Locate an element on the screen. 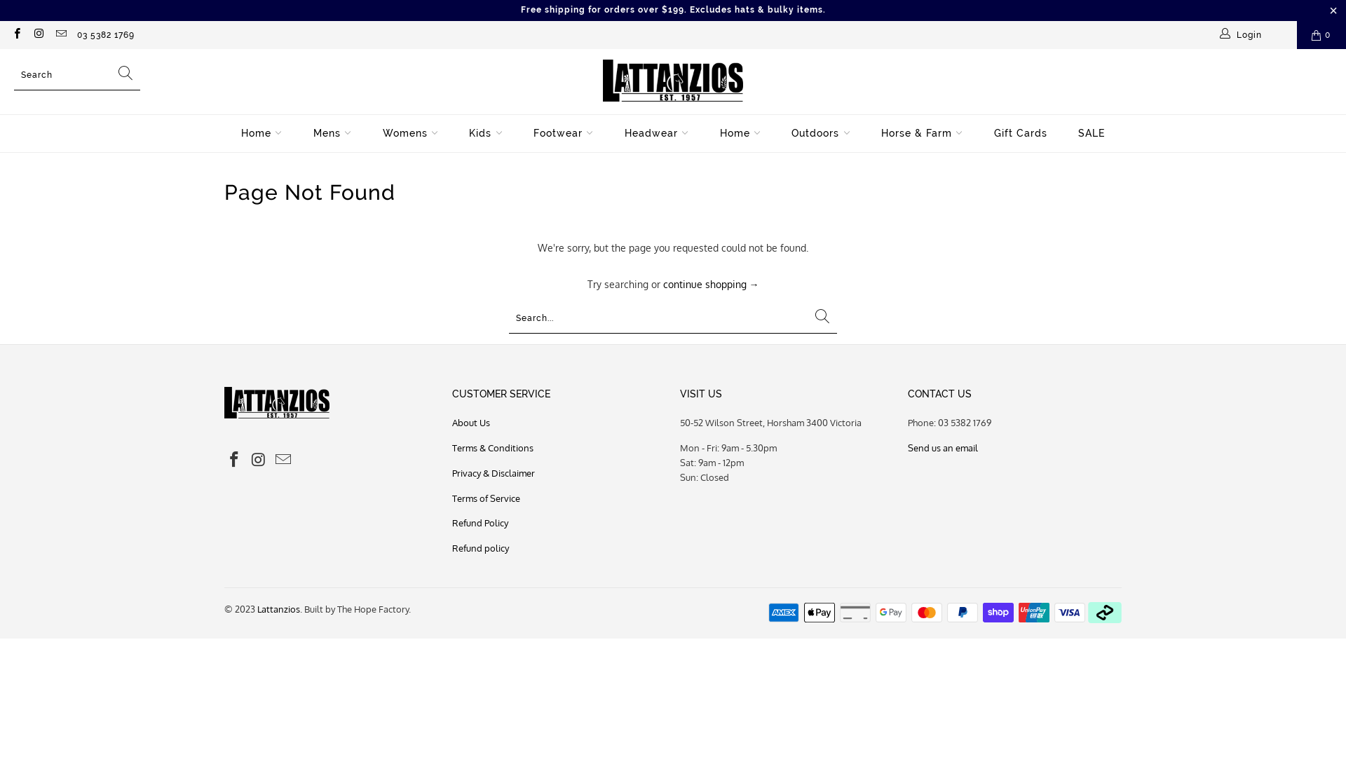 Image resolution: width=1346 pixels, height=757 pixels. 'Outdoors' is located at coordinates (821, 133).